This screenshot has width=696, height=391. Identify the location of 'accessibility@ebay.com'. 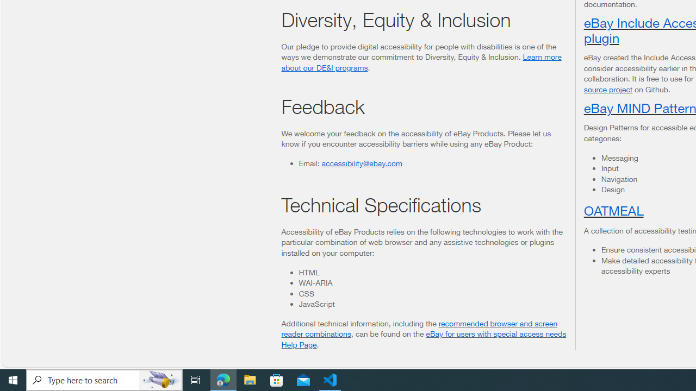
(362, 162).